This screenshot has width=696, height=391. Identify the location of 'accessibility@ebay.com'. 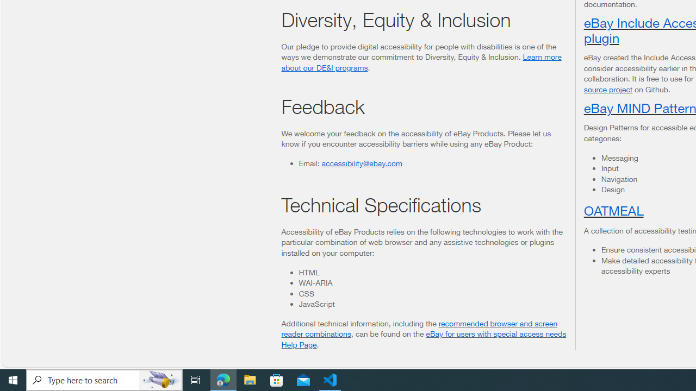
(362, 162).